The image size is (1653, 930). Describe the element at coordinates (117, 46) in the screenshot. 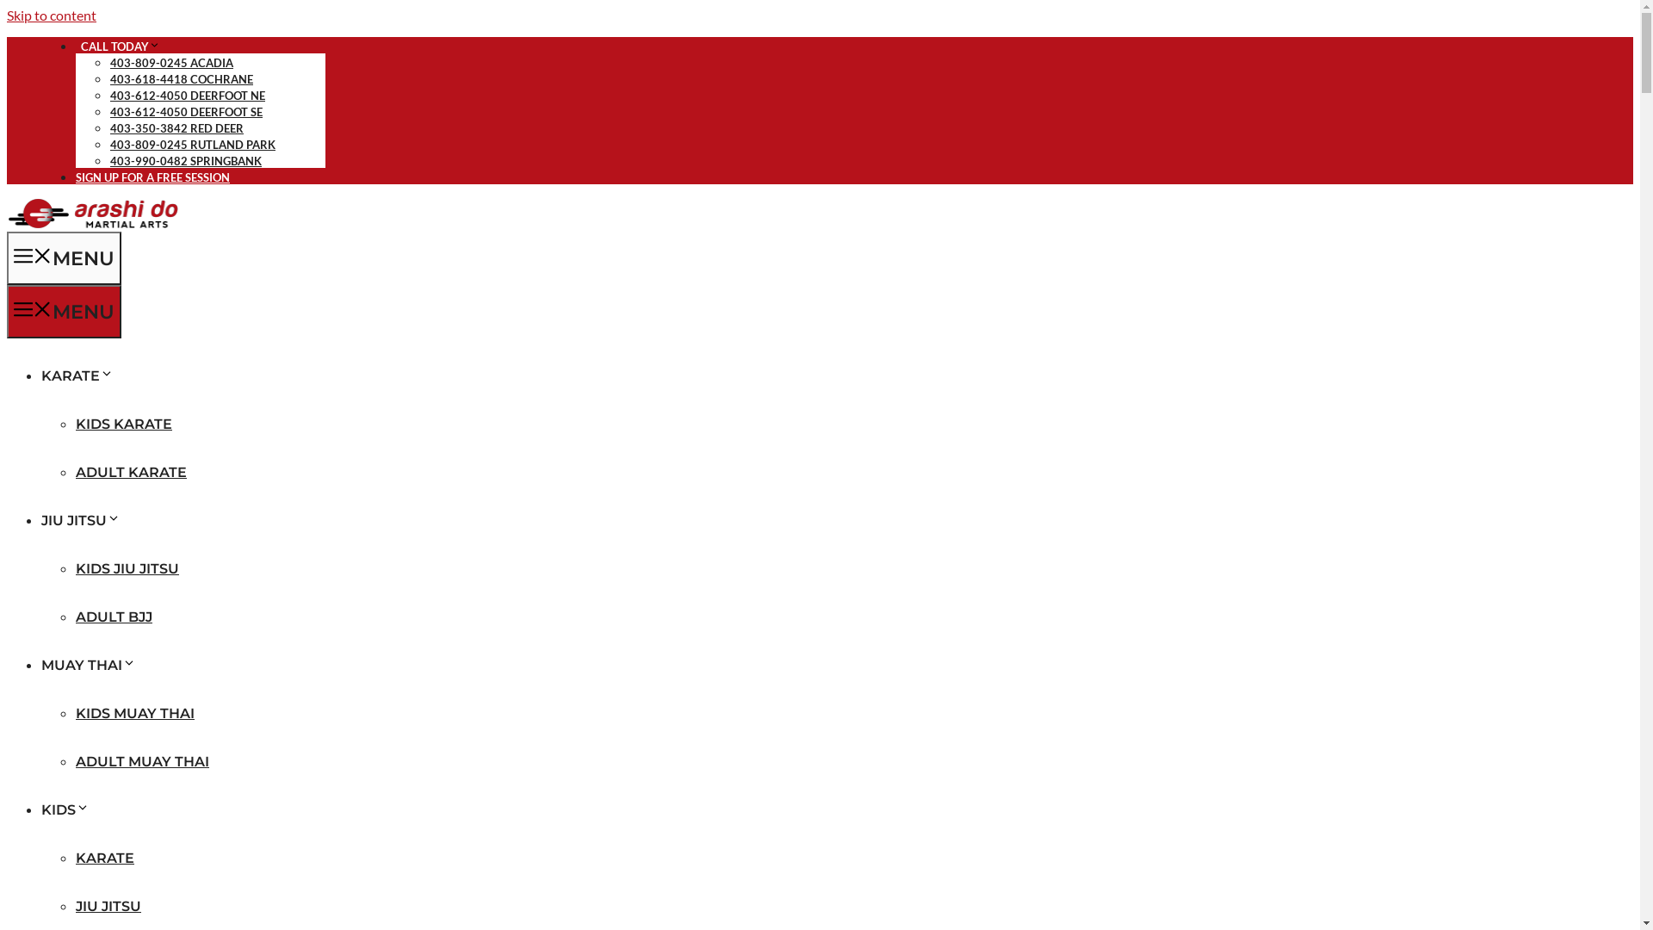

I see `'  CALL TODAY'` at that location.